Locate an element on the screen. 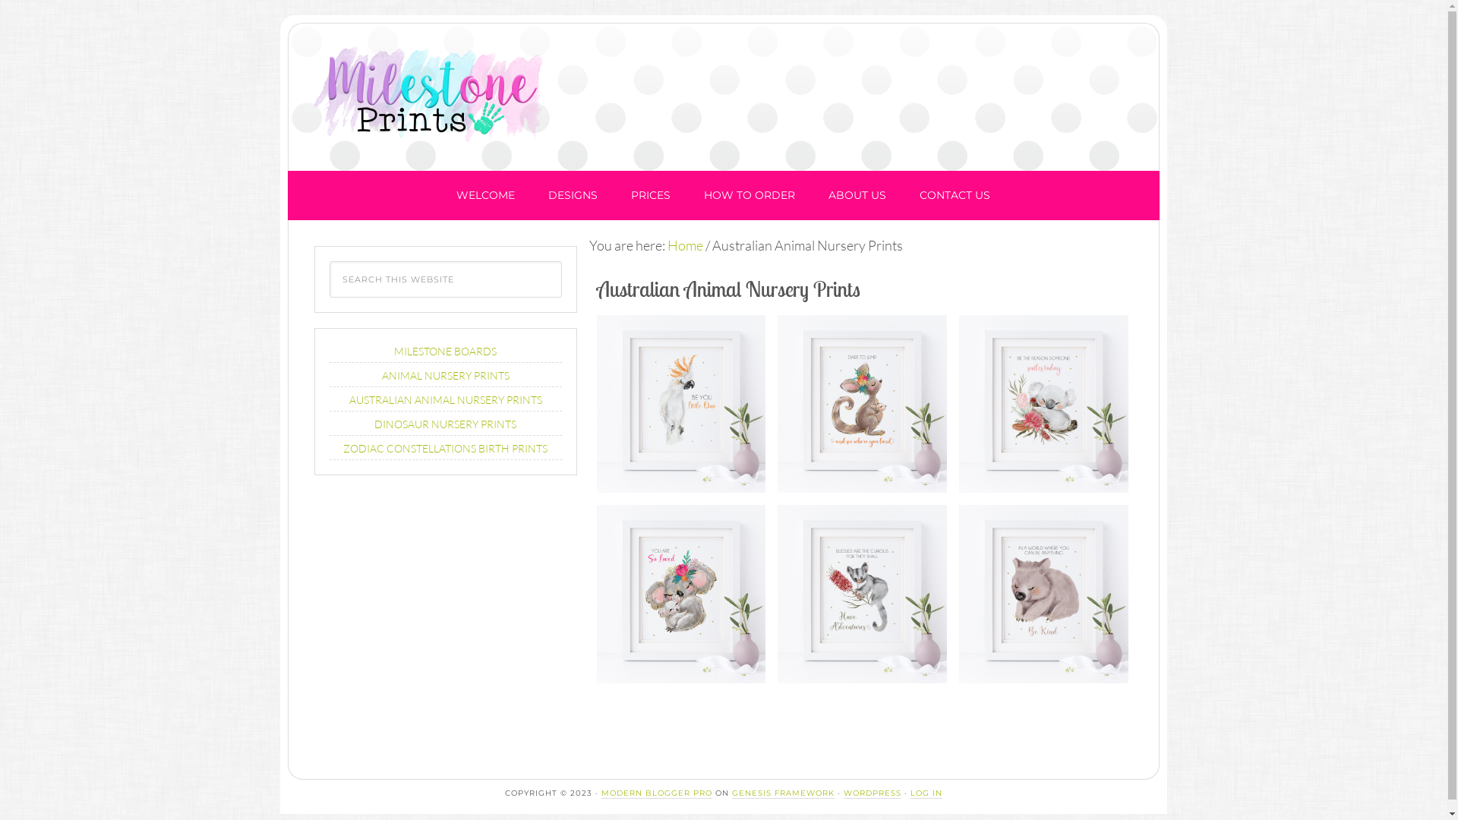 This screenshot has height=820, width=1458. 'DESIGNS' is located at coordinates (572, 194).